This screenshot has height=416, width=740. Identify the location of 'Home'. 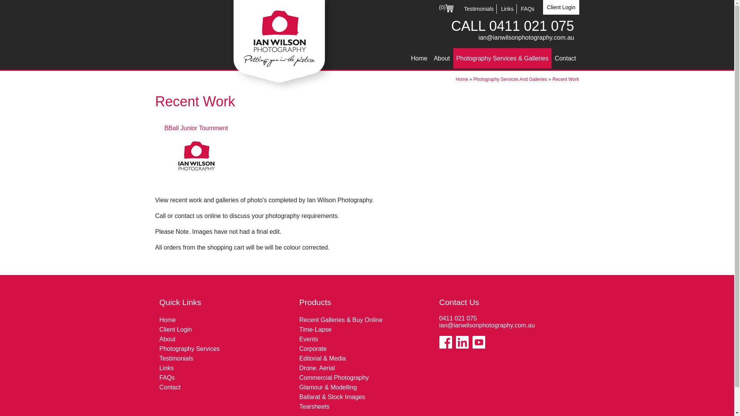
(456, 79).